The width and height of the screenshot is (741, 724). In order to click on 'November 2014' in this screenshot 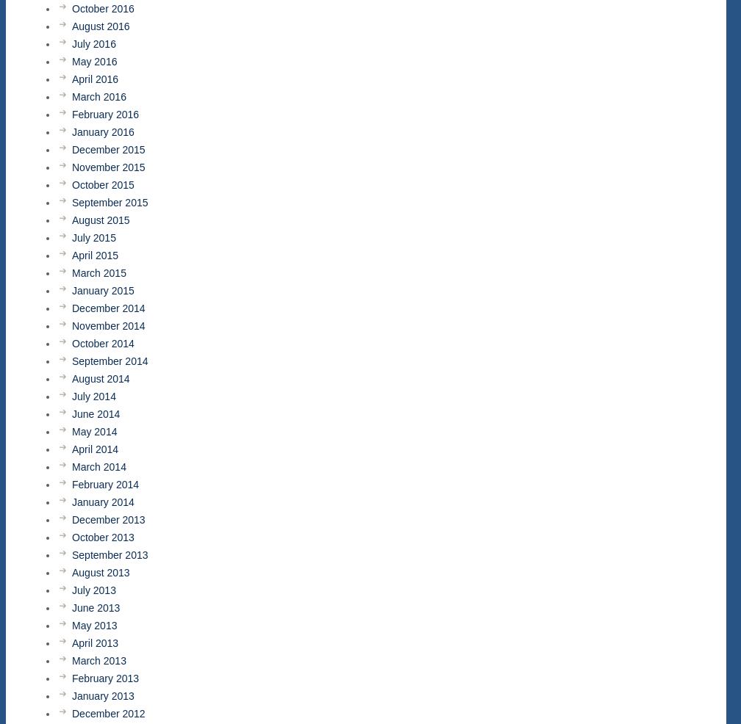, I will do `click(108, 325)`.